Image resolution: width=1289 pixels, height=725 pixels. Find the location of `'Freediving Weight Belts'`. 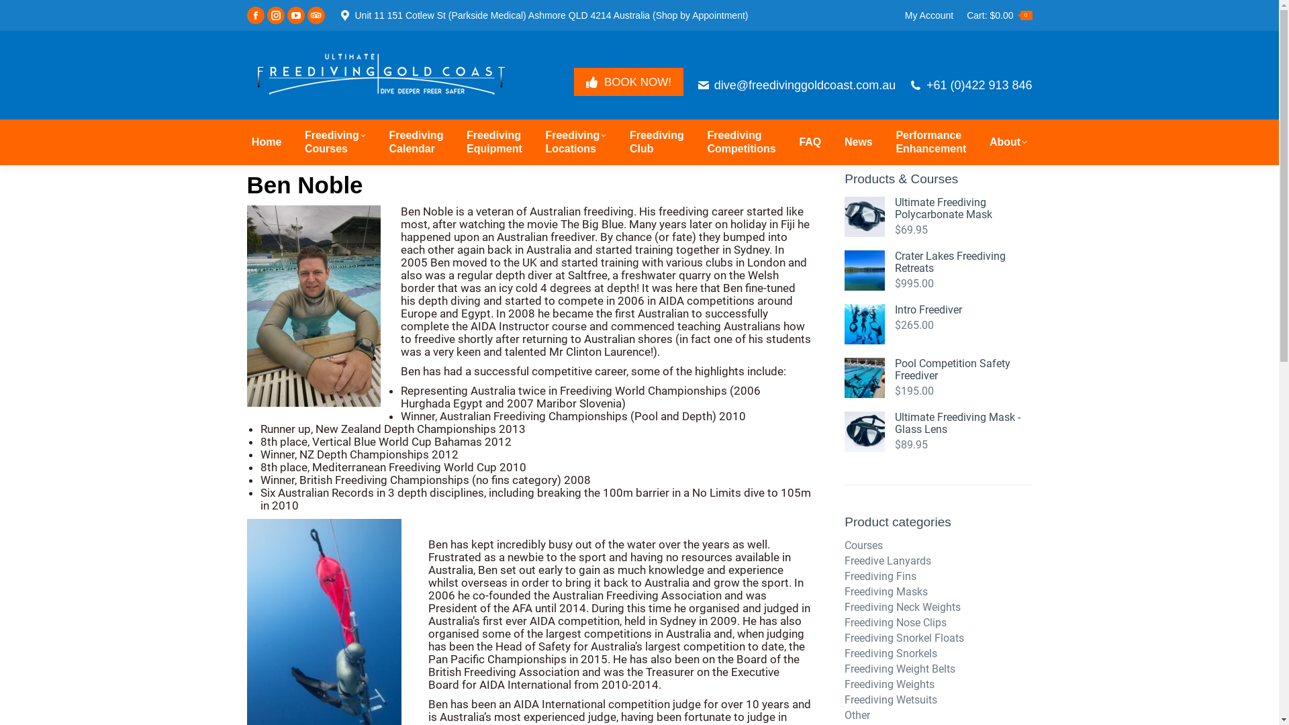

'Freediving Weight Belts' is located at coordinates (900, 669).